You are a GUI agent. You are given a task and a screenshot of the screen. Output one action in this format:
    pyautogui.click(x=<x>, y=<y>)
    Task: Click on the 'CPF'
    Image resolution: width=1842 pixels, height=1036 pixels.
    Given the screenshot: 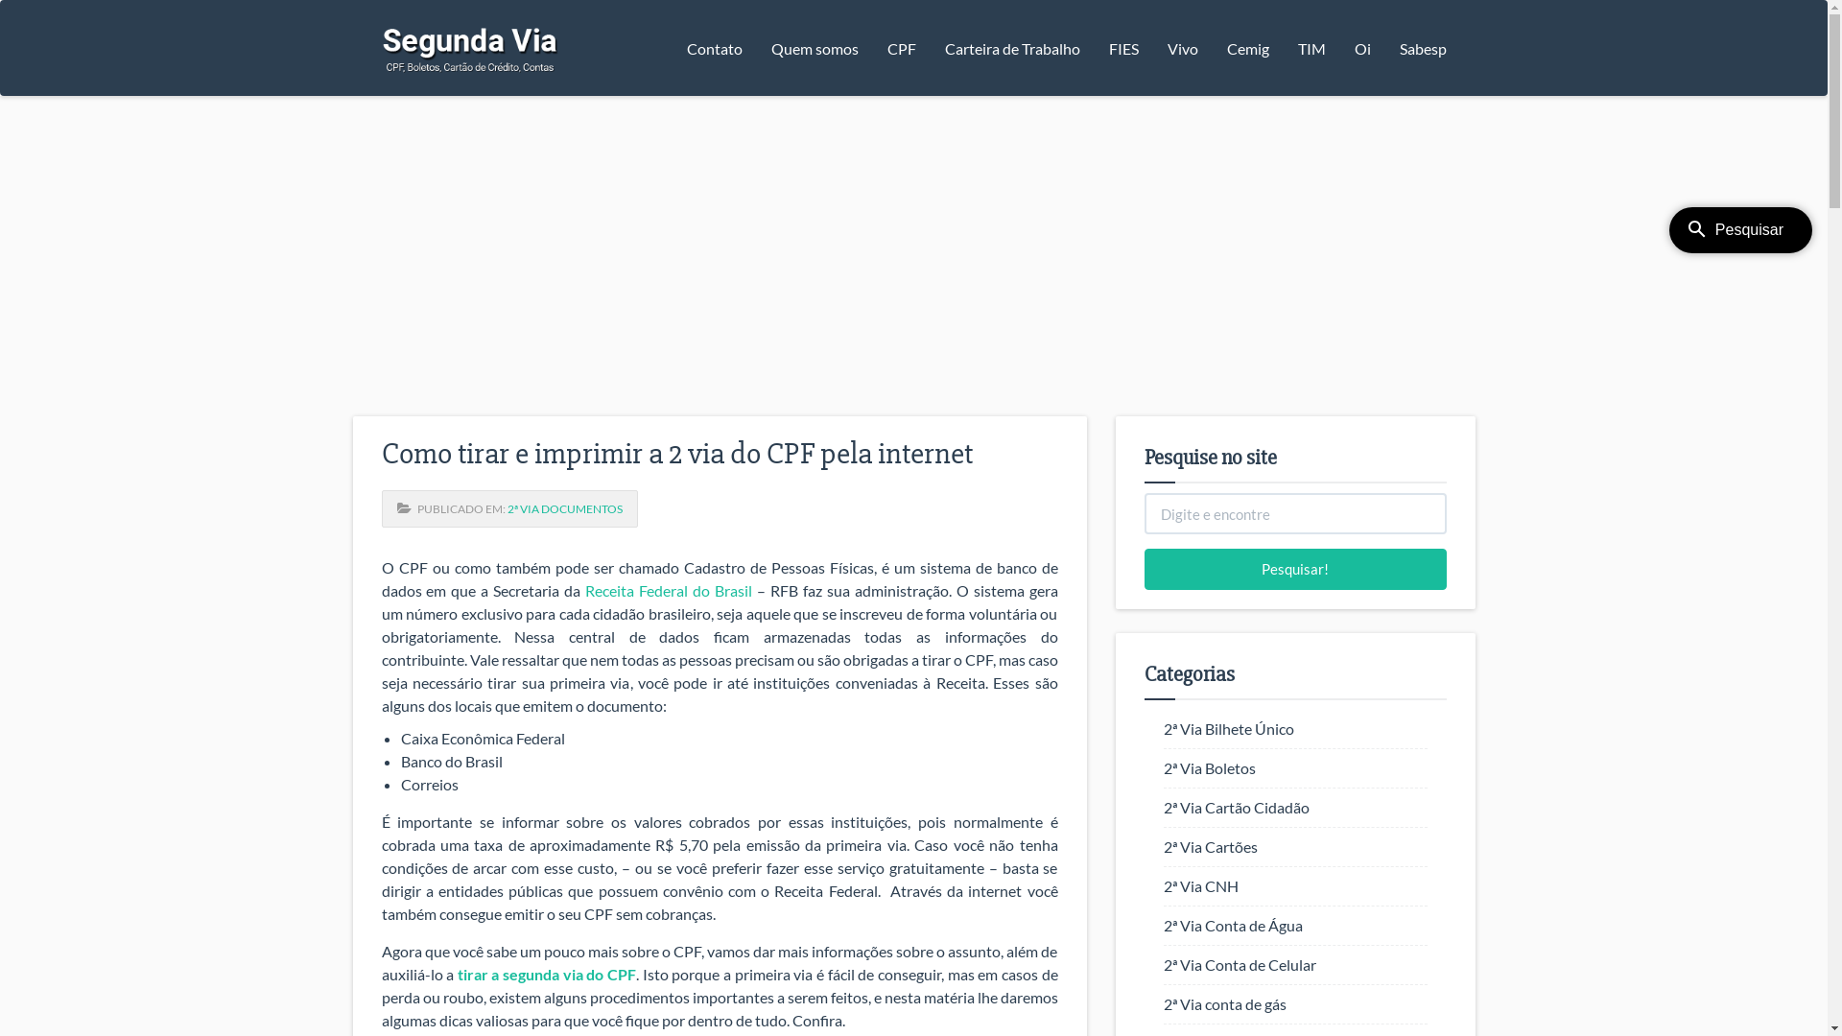 What is the action you would take?
    pyautogui.click(x=872, y=47)
    